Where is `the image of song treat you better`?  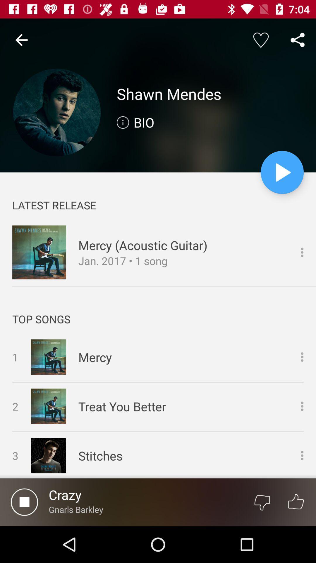
the image of song treat you better is located at coordinates (48, 406).